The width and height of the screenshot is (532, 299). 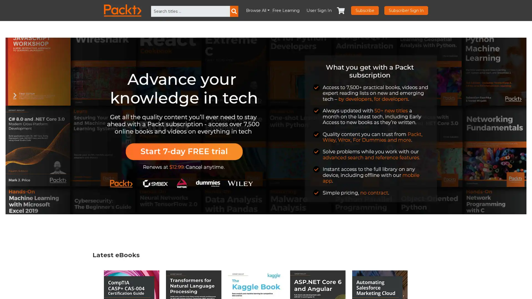 What do you see at coordinates (406, 11) in the screenshot?
I see `Subscriber Sign In` at bounding box center [406, 11].